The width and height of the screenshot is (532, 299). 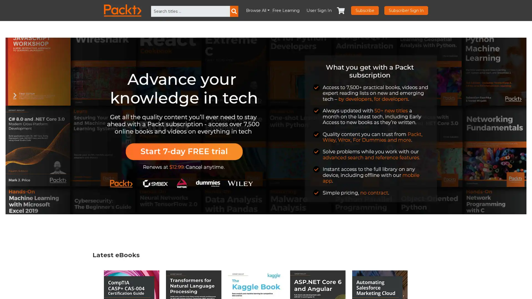 What do you see at coordinates (406, 11) in the screenshot?
I see `Subscriber Sign In` at bounding box center [406, 11].